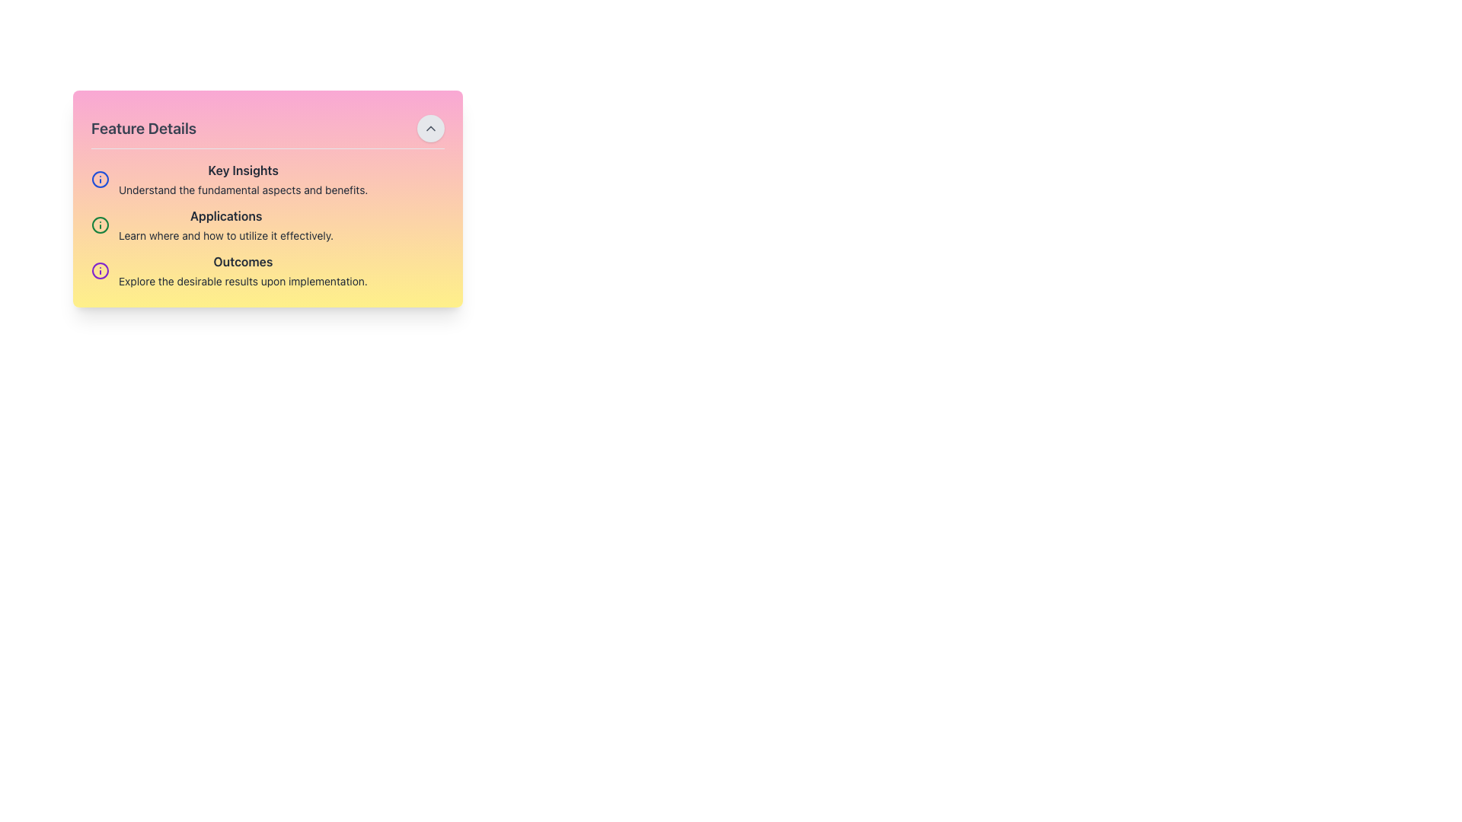 The height and width of the screenshot is (822, 1462). I want to click on the Circular SVG graphic located in the 'Key Insights' section, which is the outermost circle of a multi-part SVG graphic, positioned above the green information icon and the purple outcomes icon, so click(100, 178).